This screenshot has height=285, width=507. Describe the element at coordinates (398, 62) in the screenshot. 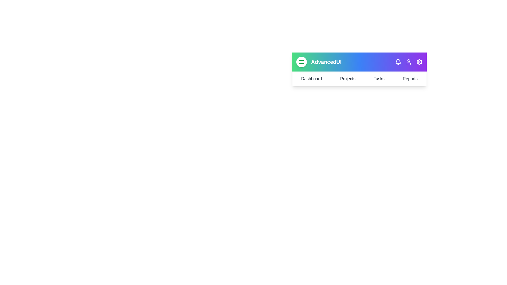

I see `the notification icon in the app bar` at that location.